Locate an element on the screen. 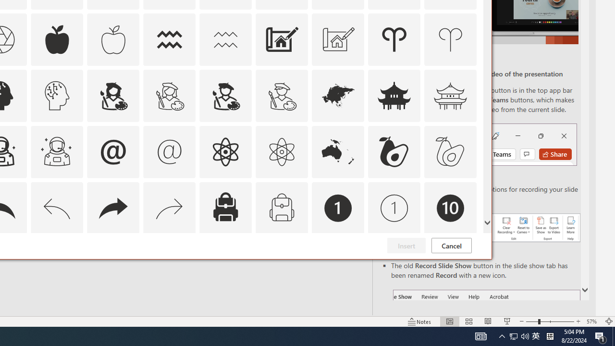 The width and height of the screenshot is (615, 346). 'Zoom 57%' is located at coordinates (592, 321).